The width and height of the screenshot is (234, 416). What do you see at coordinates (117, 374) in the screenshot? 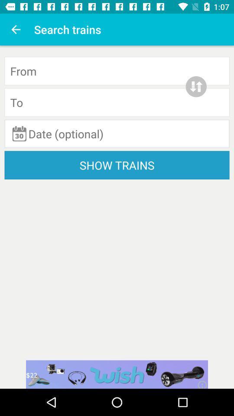
I see `share article` at bounding box center [117, 374].